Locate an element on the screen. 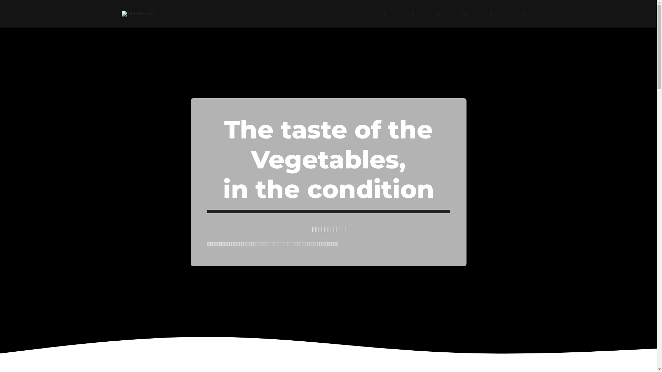  '106 DELICA' is located at coordinates (138, 13).